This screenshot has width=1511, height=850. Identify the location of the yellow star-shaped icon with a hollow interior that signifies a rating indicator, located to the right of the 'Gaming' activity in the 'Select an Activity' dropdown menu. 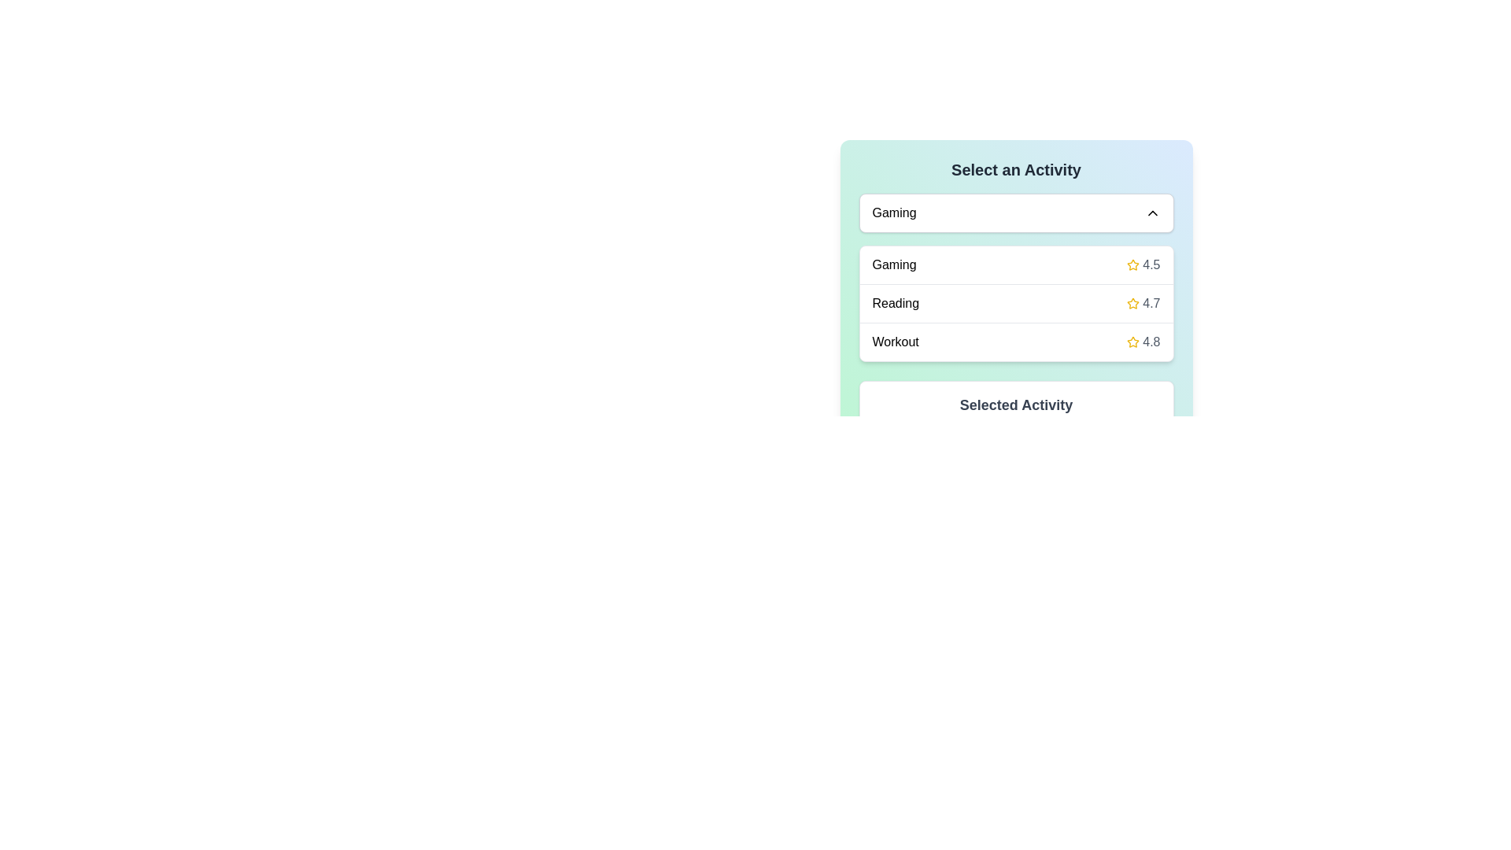
(1133, 303).